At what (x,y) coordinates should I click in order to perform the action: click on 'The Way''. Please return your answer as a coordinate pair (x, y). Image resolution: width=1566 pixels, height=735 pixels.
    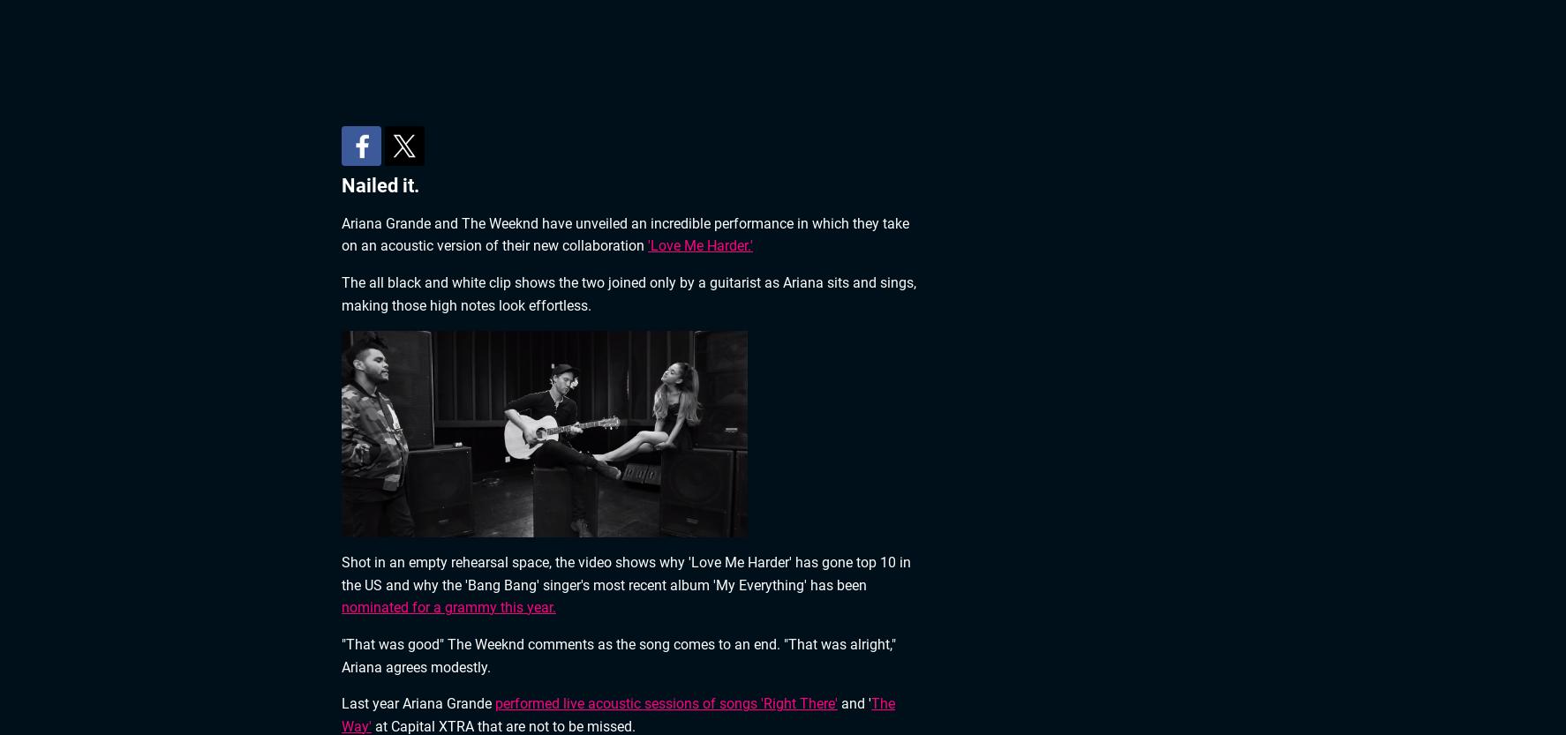
    Looking at the image, I should click on (618, 714).